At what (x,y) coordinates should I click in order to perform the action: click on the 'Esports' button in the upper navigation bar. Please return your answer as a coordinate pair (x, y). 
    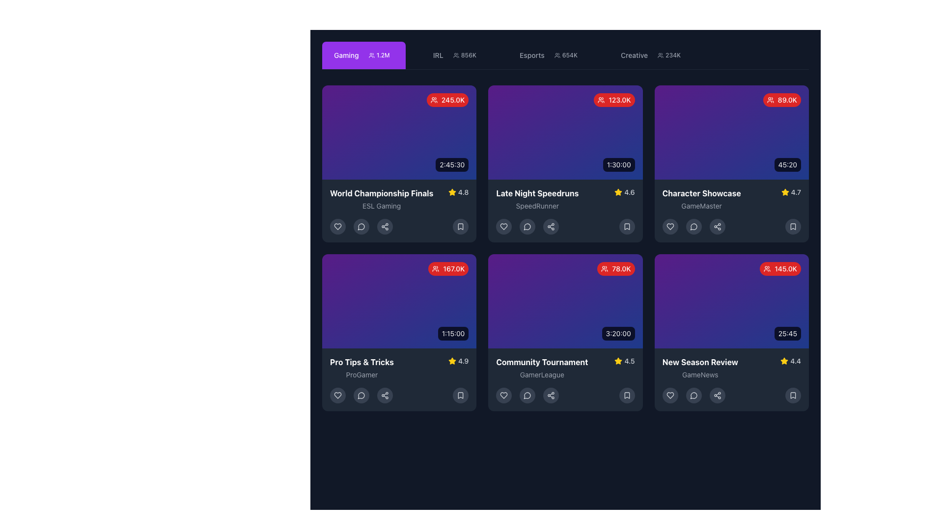
    Looking at the image, I should click on (551, 55).